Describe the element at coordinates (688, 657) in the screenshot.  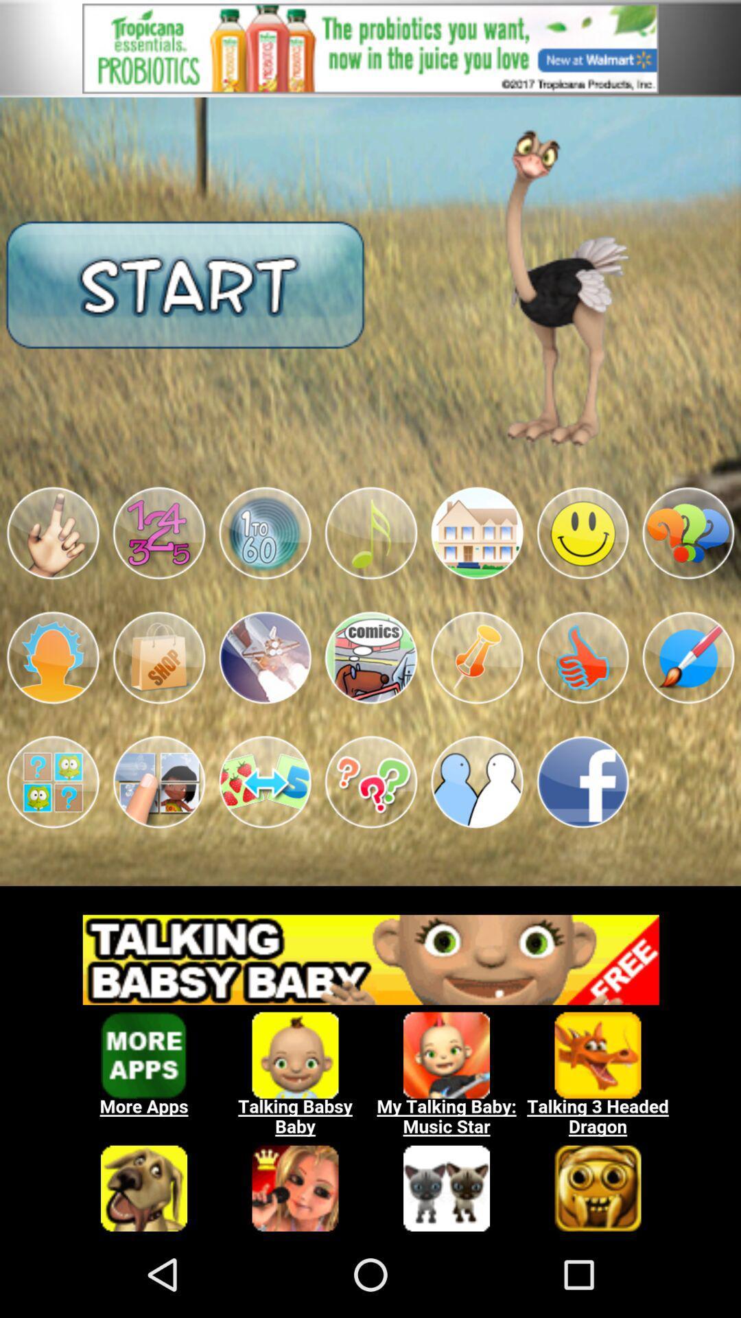
I see `paint` at that location.